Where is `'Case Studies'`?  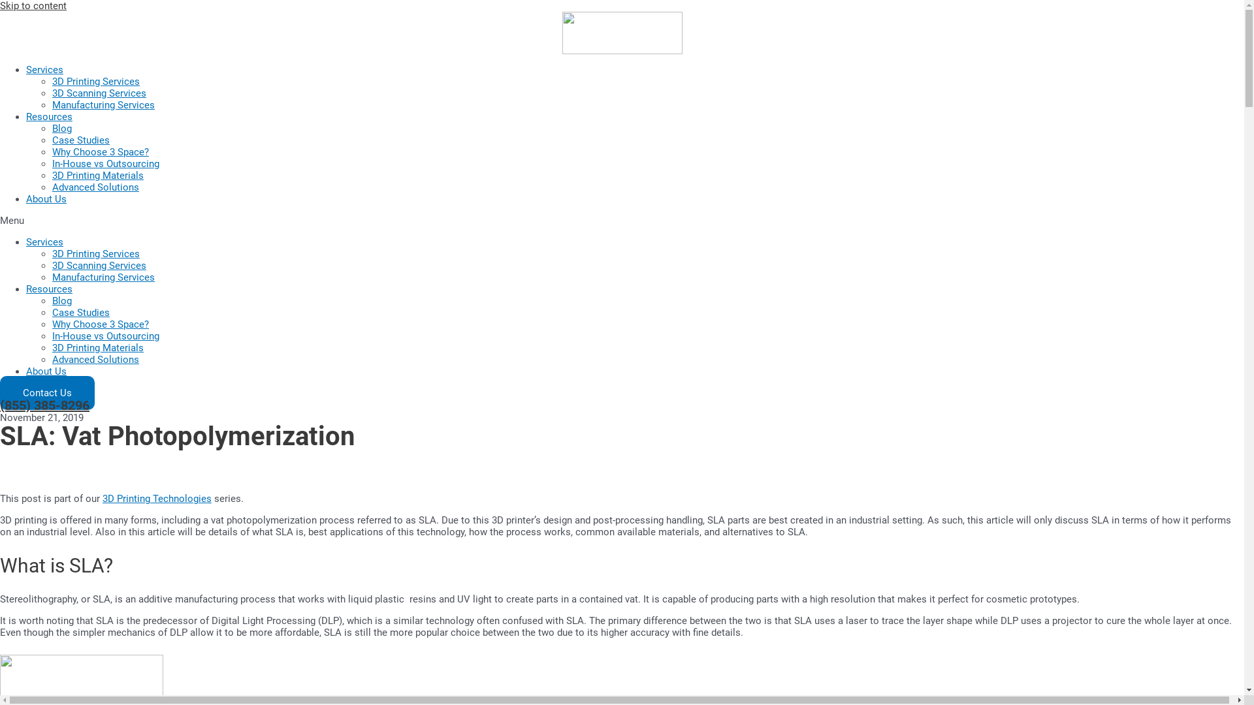
'Case Studies' is located at coordinates (80, 140).